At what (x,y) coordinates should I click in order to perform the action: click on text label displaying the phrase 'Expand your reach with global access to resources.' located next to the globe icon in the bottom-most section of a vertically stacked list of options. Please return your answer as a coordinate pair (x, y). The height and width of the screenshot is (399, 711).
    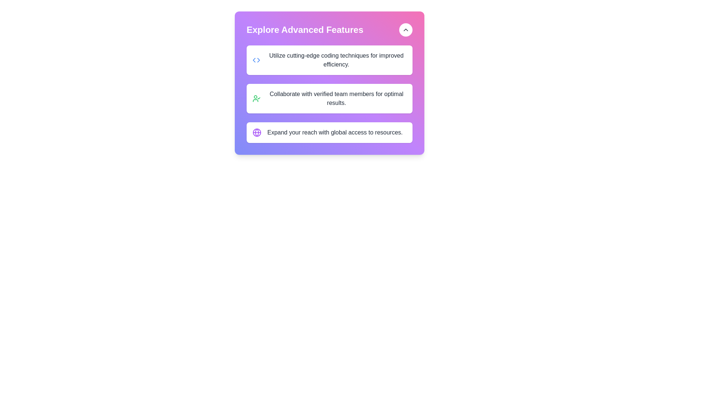
    Looking at the image, I should click on (334, 132).